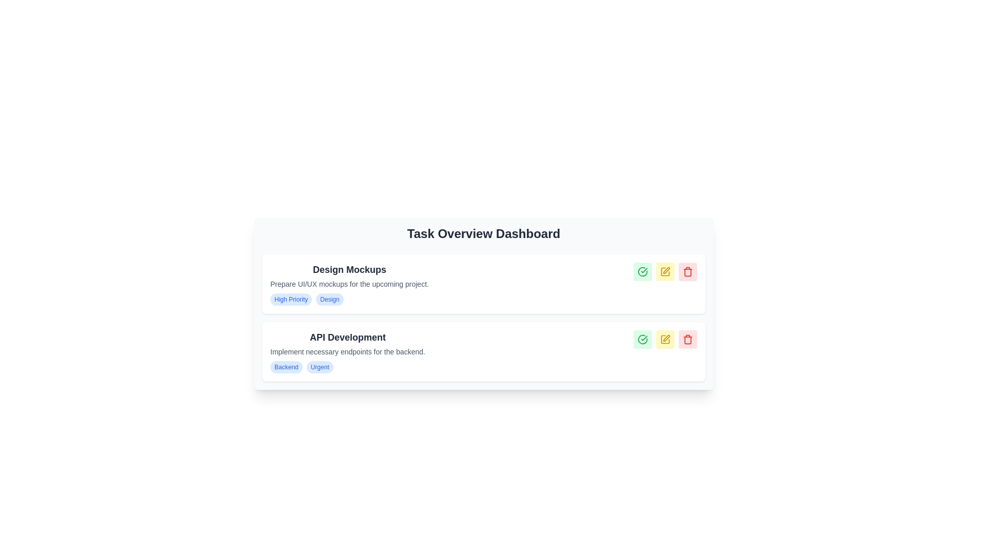  What do you see at coordinates (642, 271) in the screenshot?
I see `the green circular check mark button to mark the task as complete, located beside the 'Design Mockups' task as the first button in the sequence` at bounding box center [642, 271].